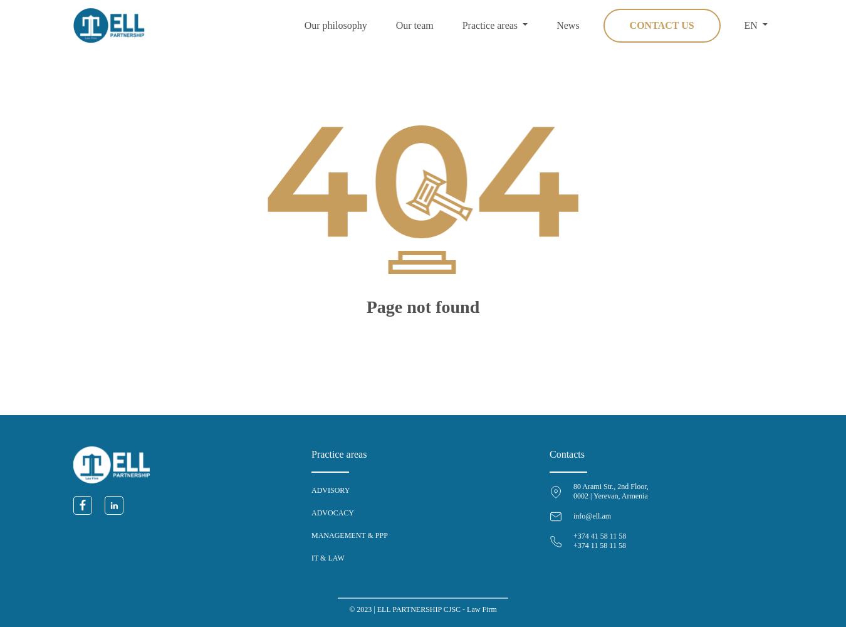 The height and width of the screenshot is (627, 846). I want to click on 'Our philosophy', so click(335, 24).